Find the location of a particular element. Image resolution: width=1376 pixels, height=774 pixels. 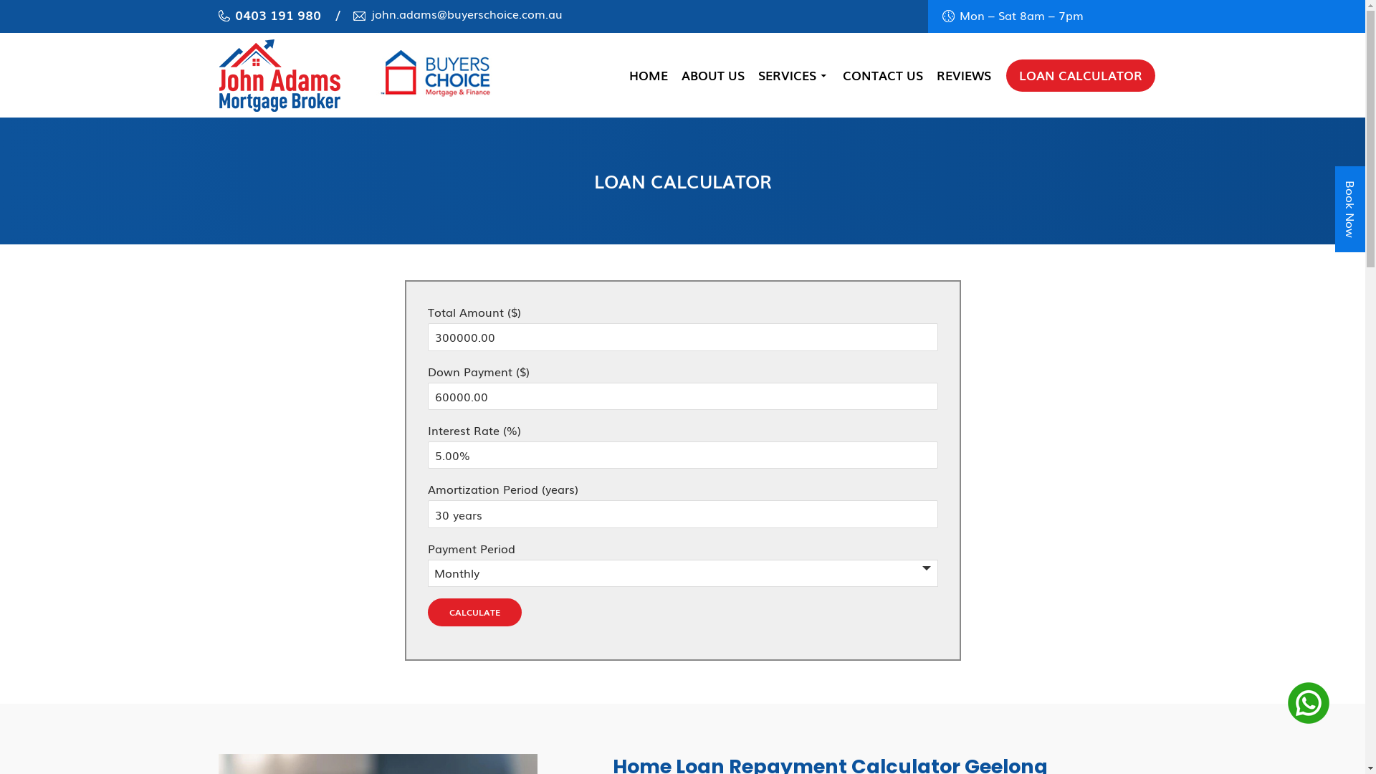

'ABOUT US' is located at coordinates (712, 75).